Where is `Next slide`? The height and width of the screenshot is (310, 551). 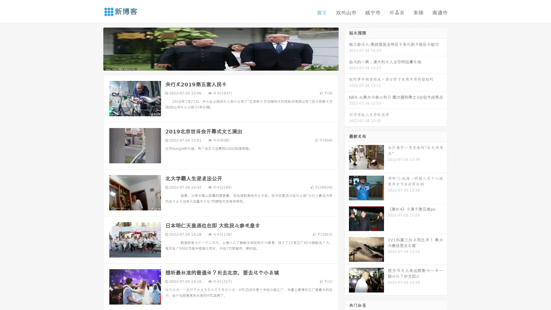
Next slide is located at coordinates (347, 48).